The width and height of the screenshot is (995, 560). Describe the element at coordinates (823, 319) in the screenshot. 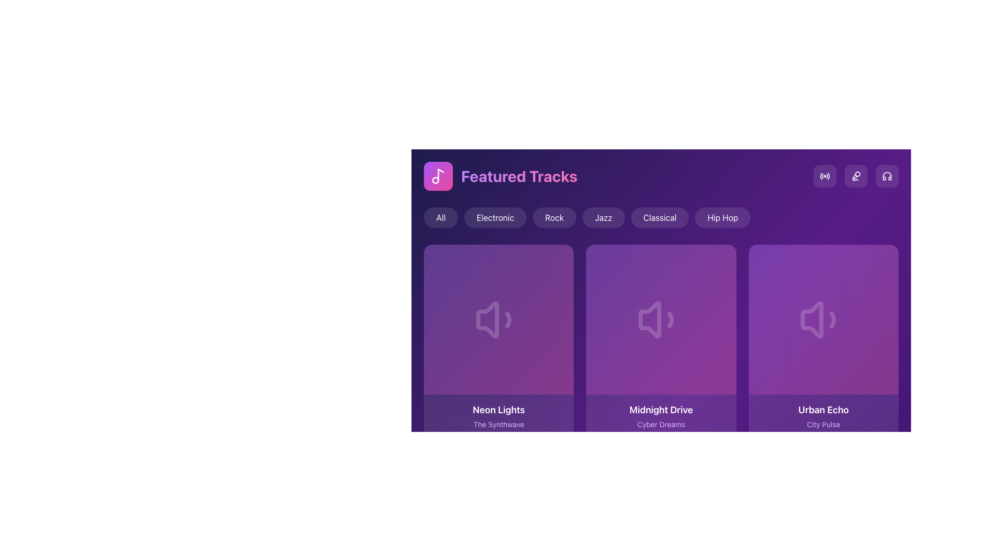

I see `the square-shaped purple gradient box featuring a speaker icon in its center, located in the third column of the current row in a music-related grid layout` at that location.